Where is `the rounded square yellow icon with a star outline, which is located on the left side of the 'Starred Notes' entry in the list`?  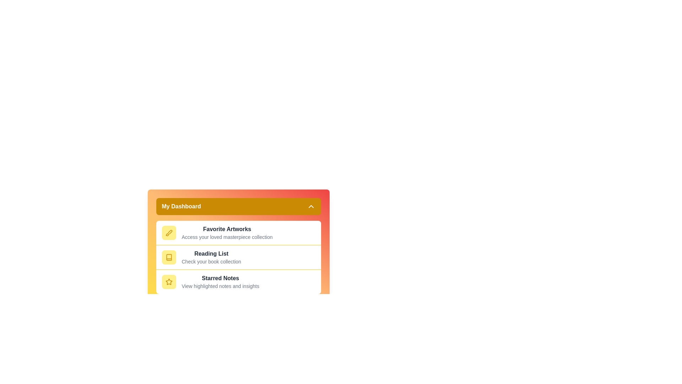 the rounded square yellow icon with a star outline, which is located on the left side of the 'Starred Notes' entry in the list is located at coordinates (168, 282).